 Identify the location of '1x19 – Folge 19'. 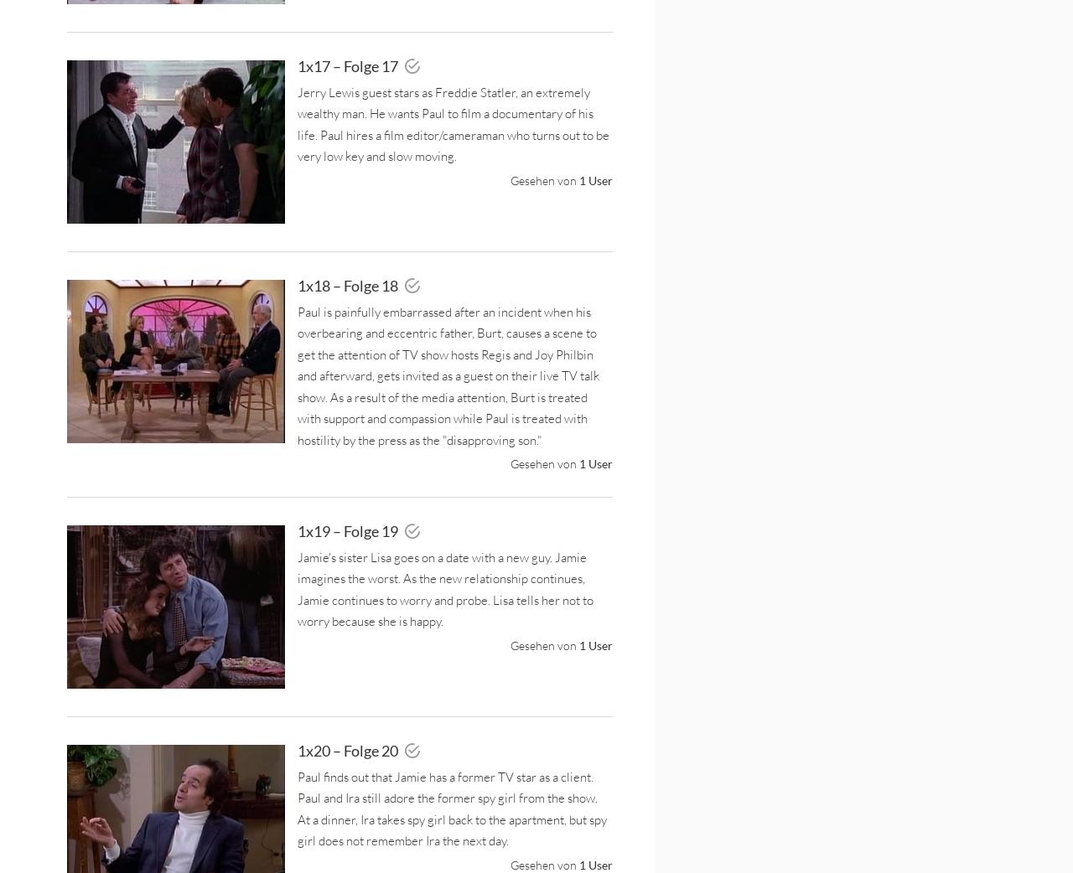
(348, 530).